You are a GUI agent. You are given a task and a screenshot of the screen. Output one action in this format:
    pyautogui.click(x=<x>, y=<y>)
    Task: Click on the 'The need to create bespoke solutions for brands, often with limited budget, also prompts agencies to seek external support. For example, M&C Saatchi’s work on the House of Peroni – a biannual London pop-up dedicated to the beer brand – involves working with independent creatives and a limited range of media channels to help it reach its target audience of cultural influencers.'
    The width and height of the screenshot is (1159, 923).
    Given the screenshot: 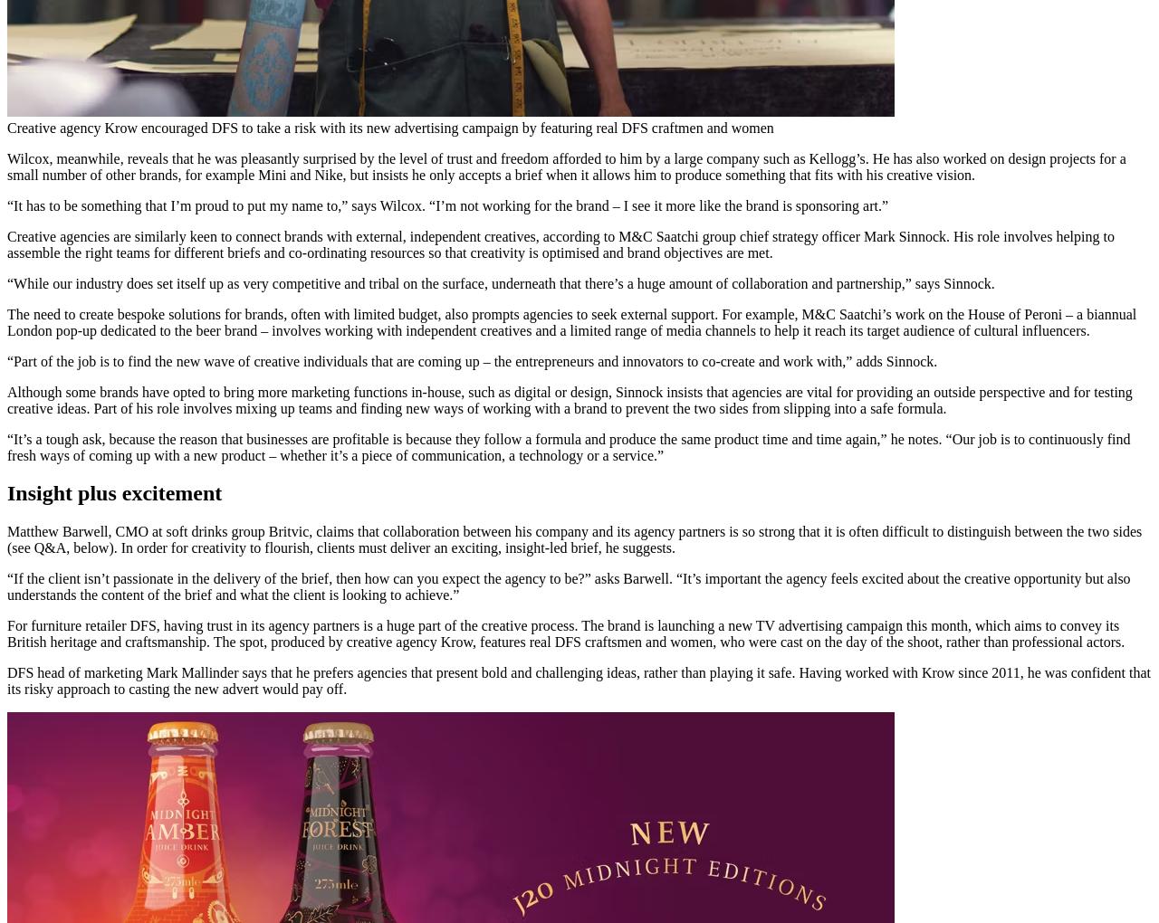 What is the action you would take?
    pyautogui.click(x=570, y=320)
    